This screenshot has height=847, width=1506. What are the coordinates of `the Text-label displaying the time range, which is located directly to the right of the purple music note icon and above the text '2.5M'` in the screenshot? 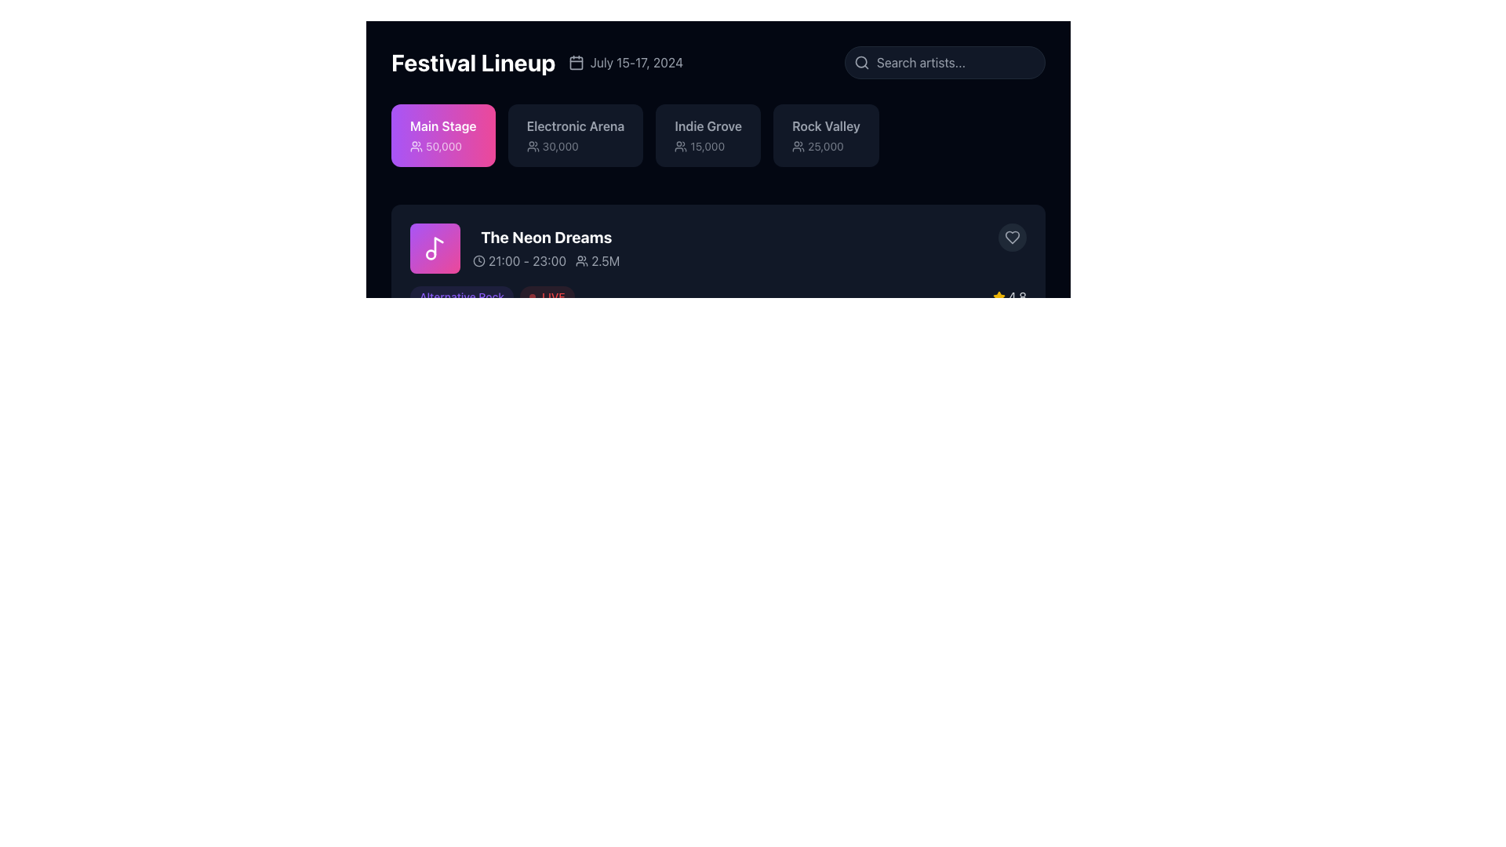 It's located at (519, 260).